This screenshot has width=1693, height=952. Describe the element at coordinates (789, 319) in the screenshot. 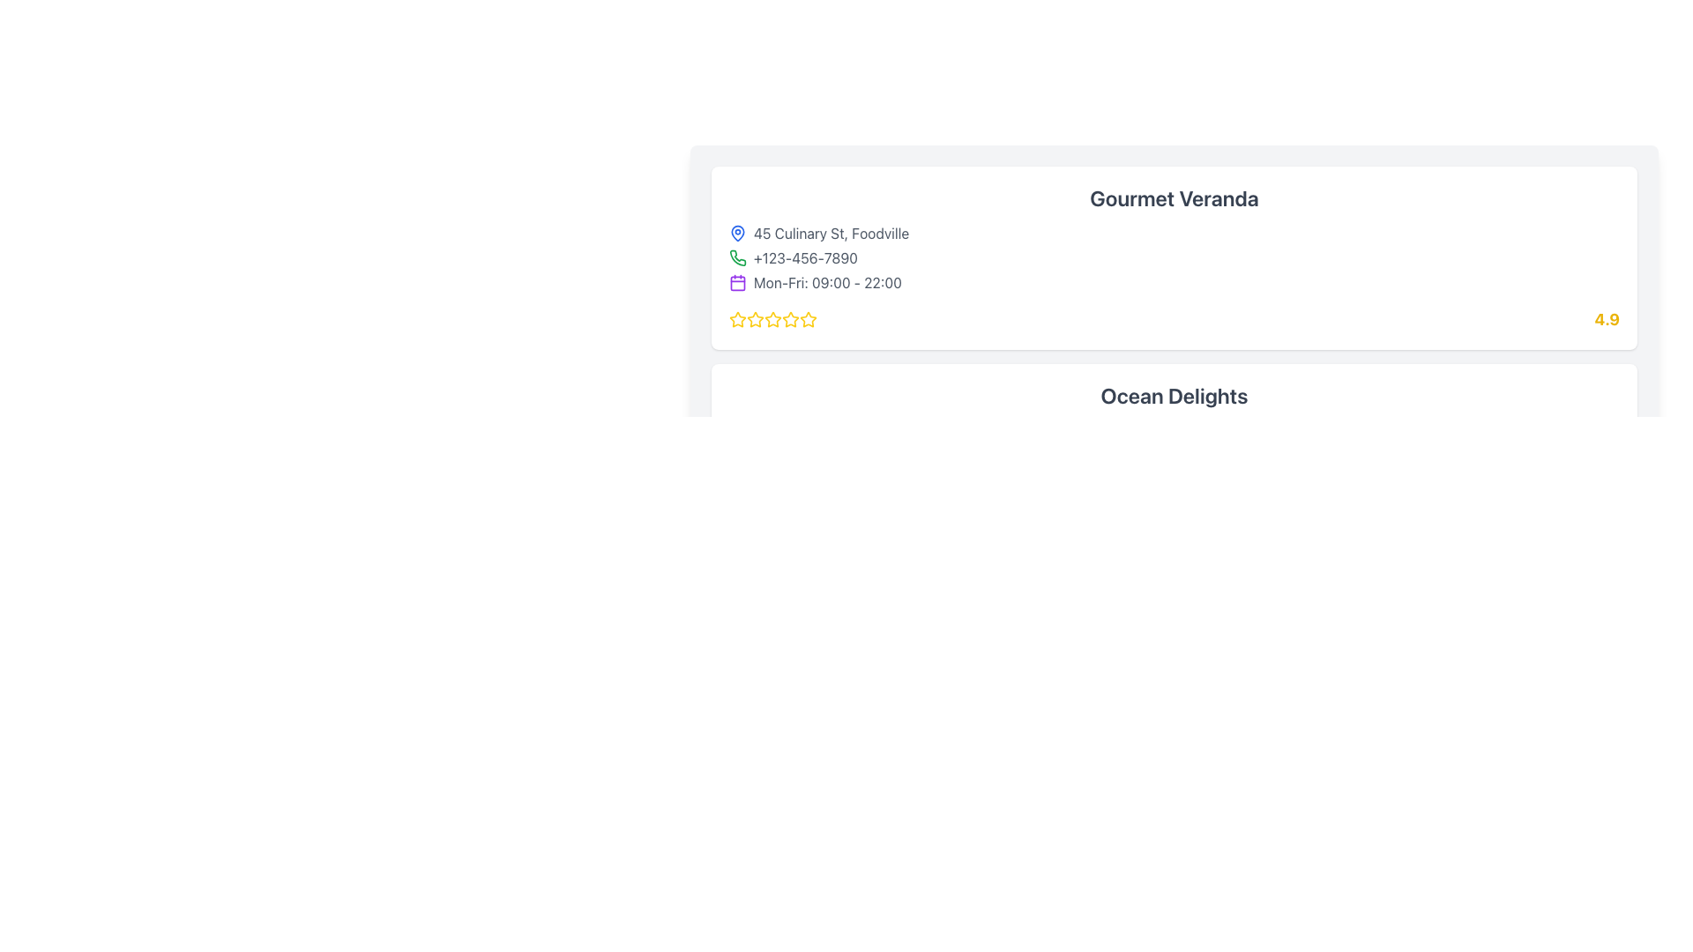

I see `the fourth star icon in the five-star rating system under 'Gourmet Veranda'` at that location.